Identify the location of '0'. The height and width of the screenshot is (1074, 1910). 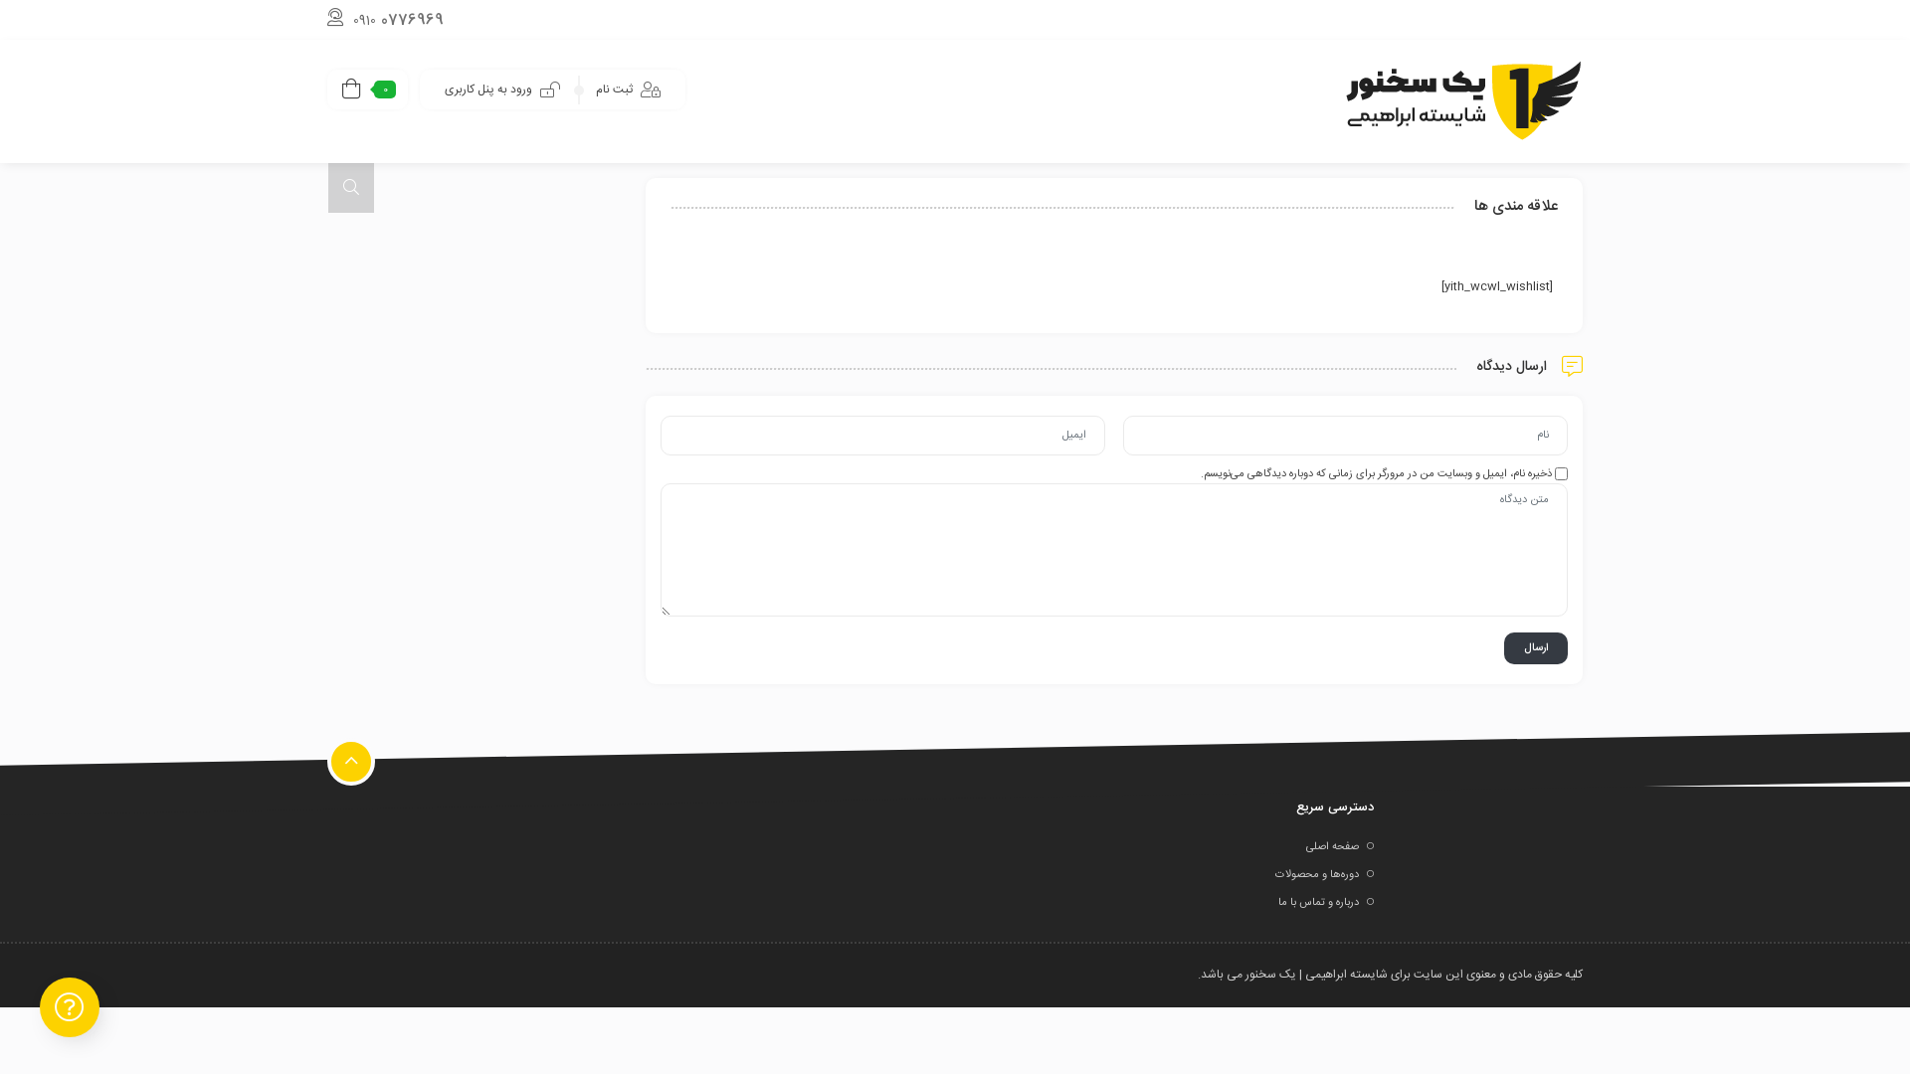
(367, 88).